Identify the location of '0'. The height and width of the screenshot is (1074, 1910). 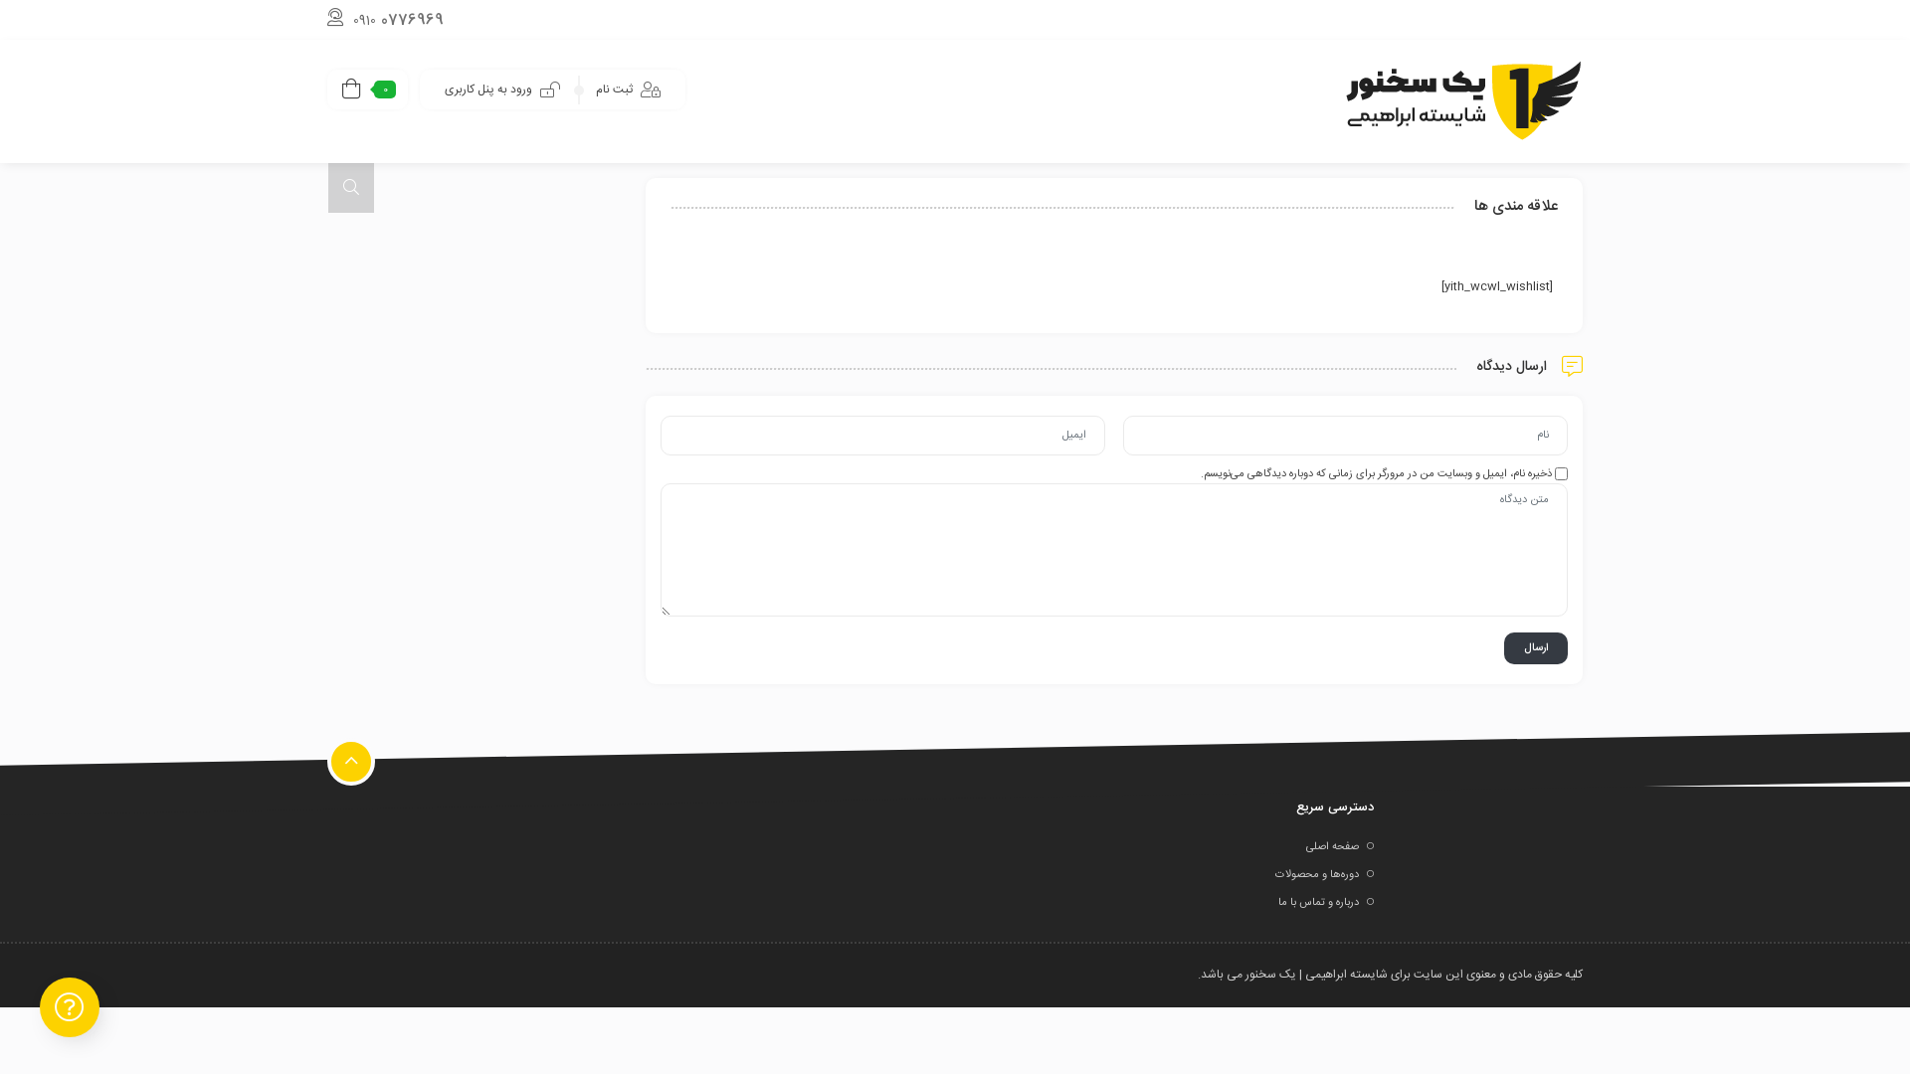
(367, 88).